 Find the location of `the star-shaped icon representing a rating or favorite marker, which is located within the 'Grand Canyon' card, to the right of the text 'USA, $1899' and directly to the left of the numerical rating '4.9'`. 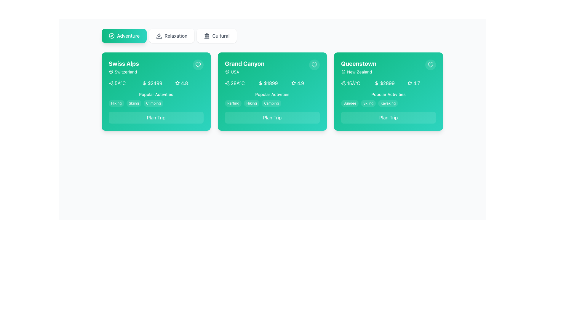

the star-shaped icon representing a rating or favorite marker, which is located within the 'Grand Canyon' card, to the right of the text 'USA, $1899' and directly to the left of the numerical rating '4.9' is located at coordinates (293, 83).